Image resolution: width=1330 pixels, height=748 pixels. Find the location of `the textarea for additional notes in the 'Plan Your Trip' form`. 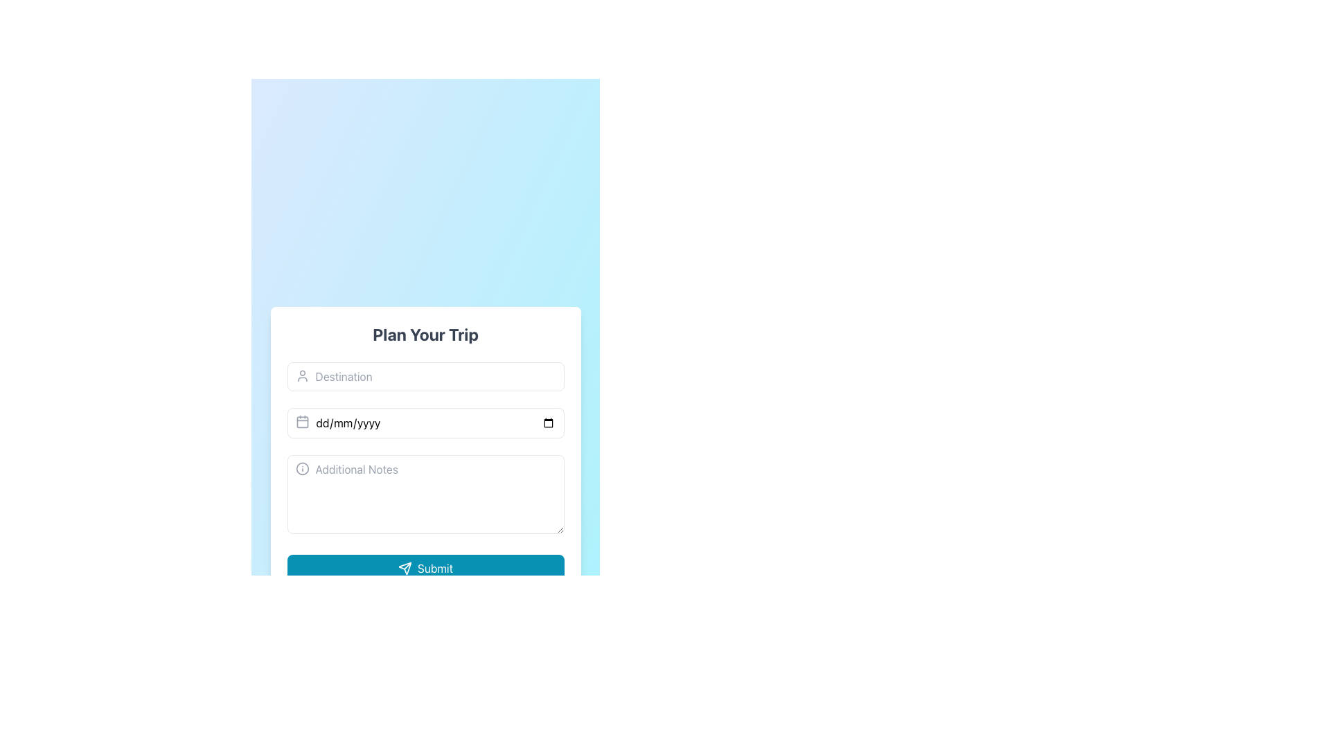

the textarea for additional notes in the 'Plan Your Trip' form is located at coordinates (425, 496).